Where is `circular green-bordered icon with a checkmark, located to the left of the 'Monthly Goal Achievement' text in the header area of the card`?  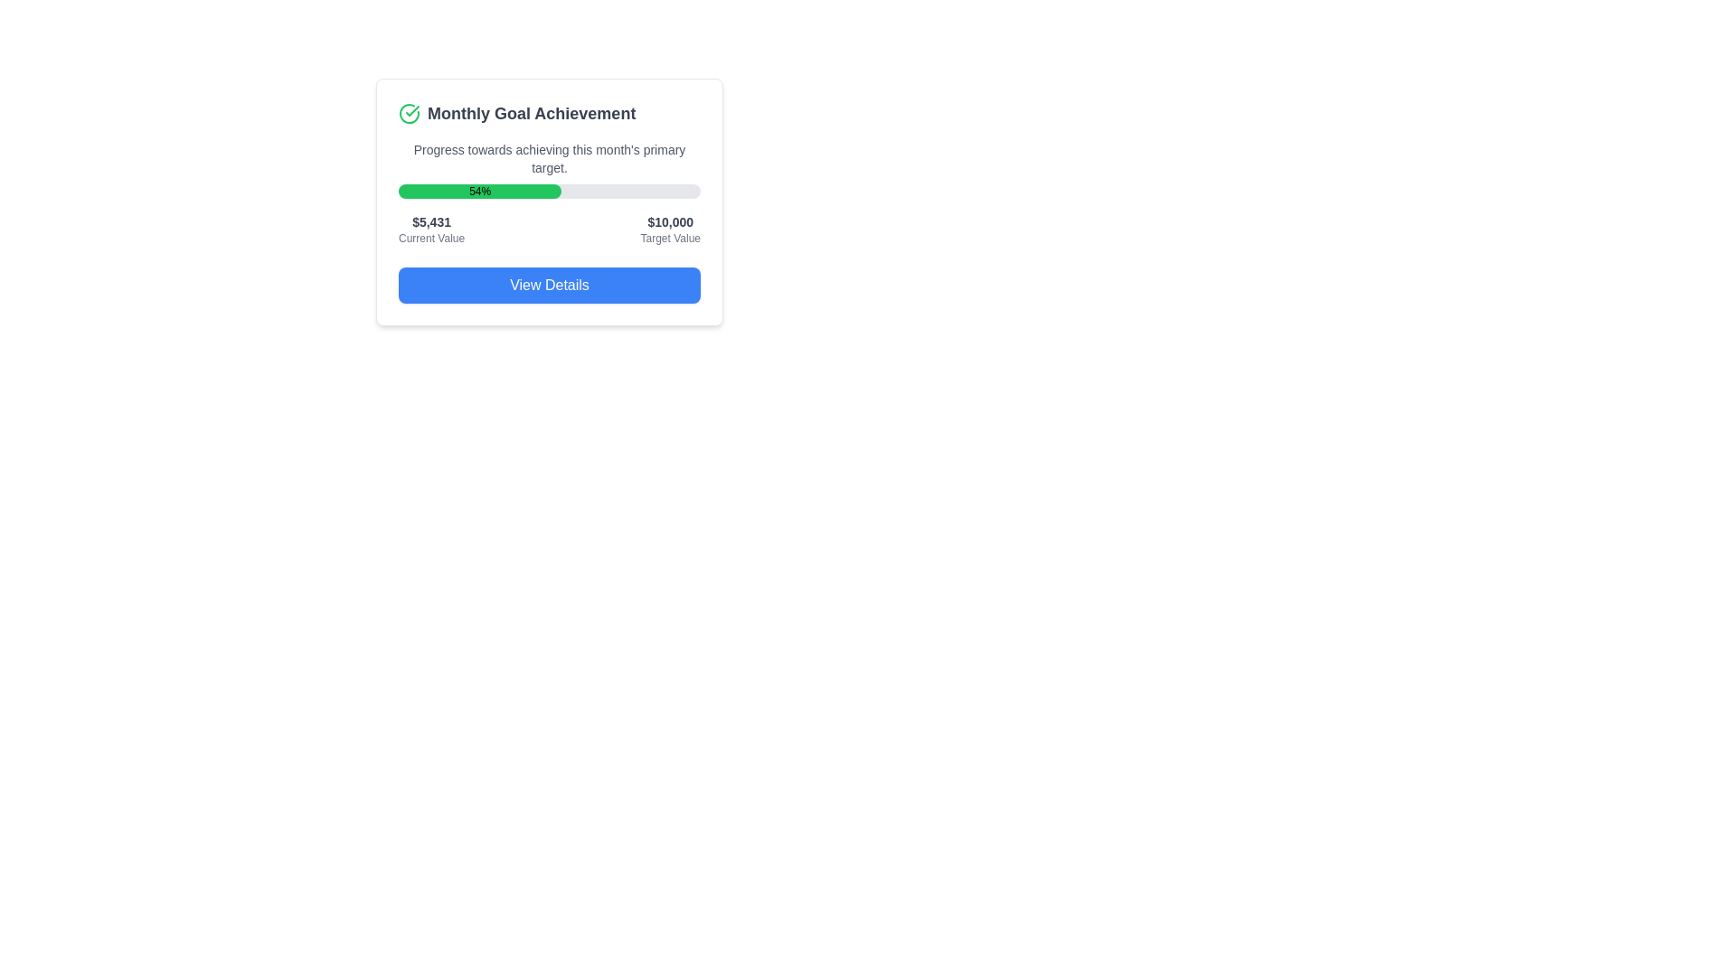
circular green-bordered icon with a checkmark, located to the left of the 'Monthly Goal Achievement' text in the header area of the card is located at coordinates (408, 114).